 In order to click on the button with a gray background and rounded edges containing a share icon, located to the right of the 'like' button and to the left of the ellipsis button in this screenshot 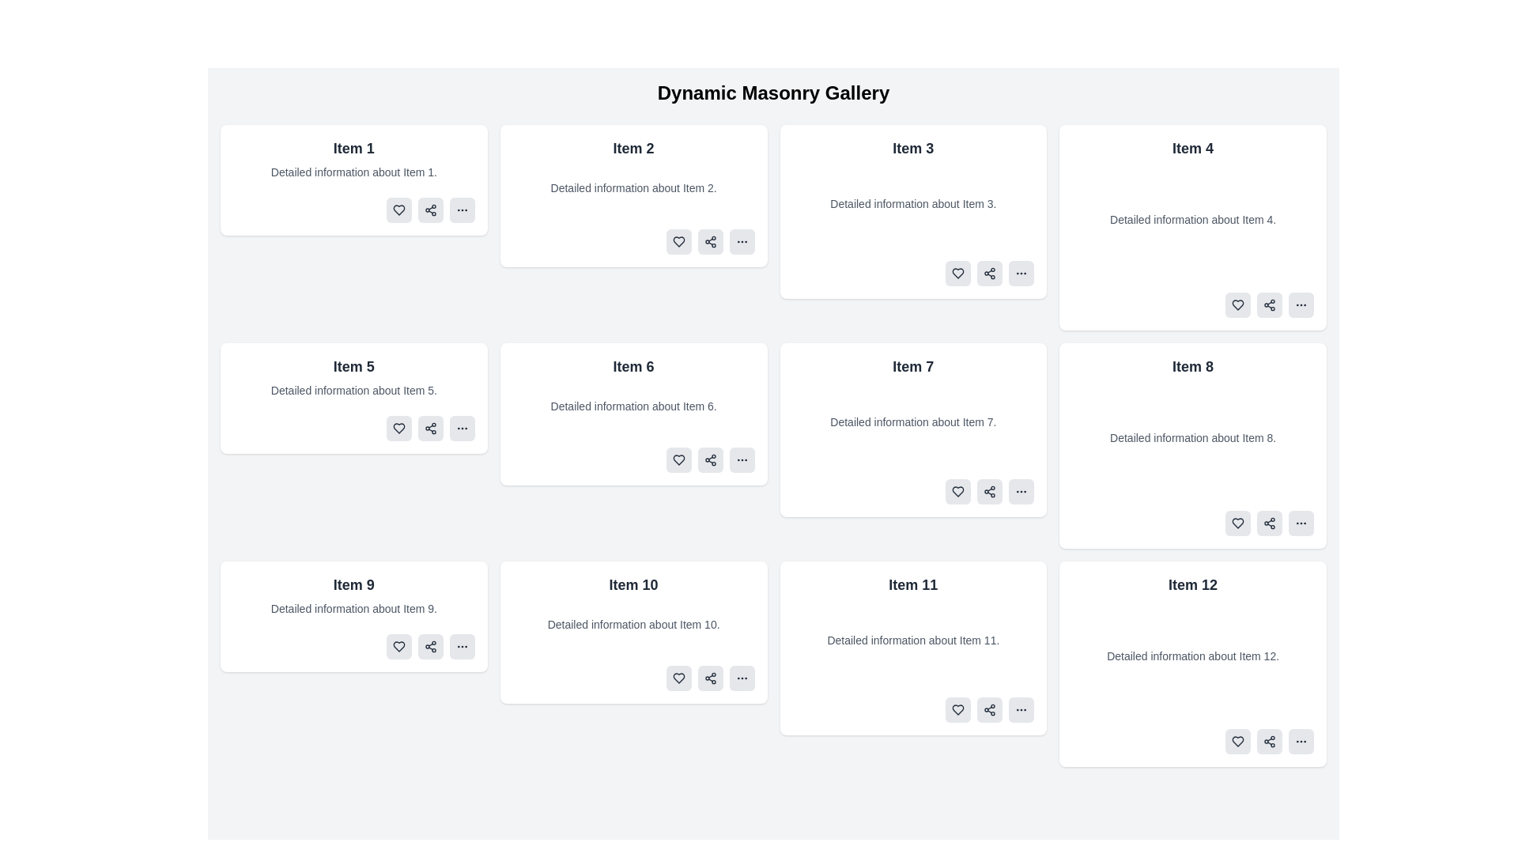, I will do `click(709, 677)`.